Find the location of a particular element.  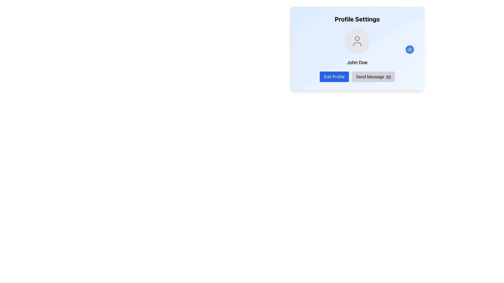

the email icon located at the rightmost position of the 'Send Message' button in the lower right corner of the profile card interface for further interaction is located at coordinates (388, 77).